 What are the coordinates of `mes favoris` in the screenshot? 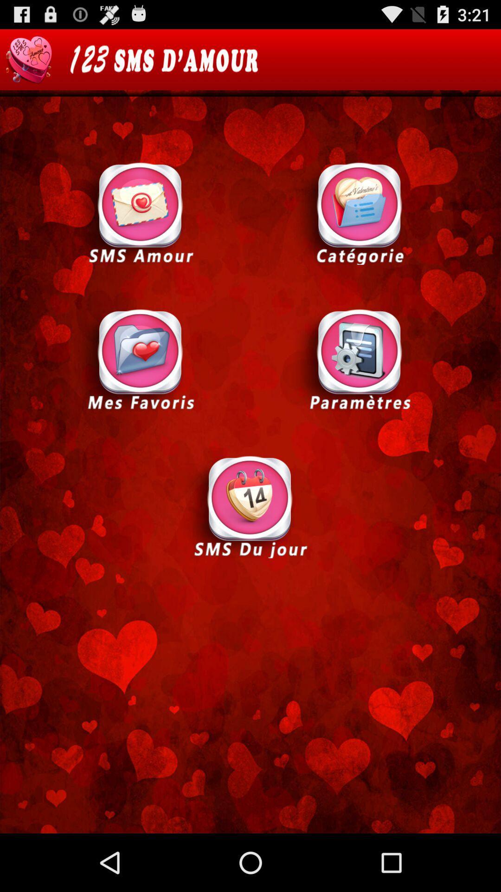 It's located at (141, 359).